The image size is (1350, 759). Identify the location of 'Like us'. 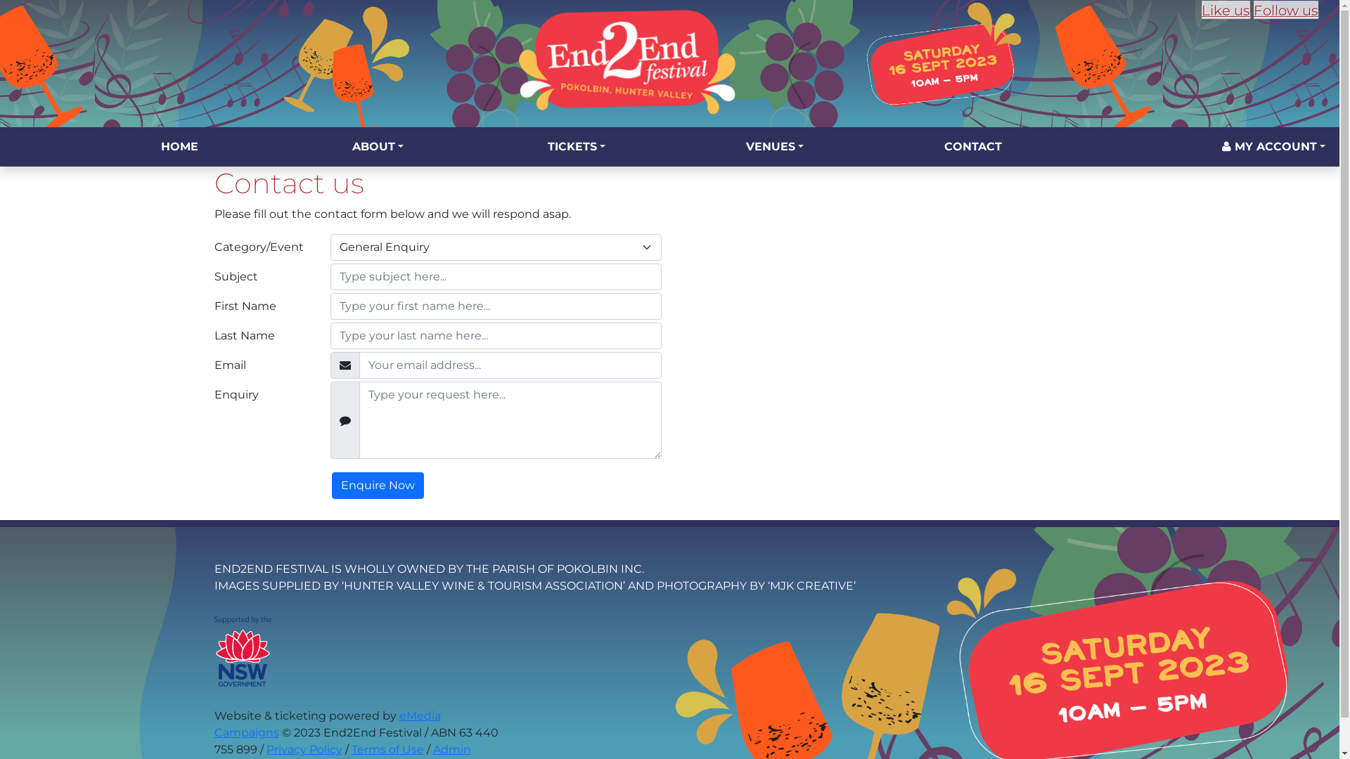
(1225, 10).